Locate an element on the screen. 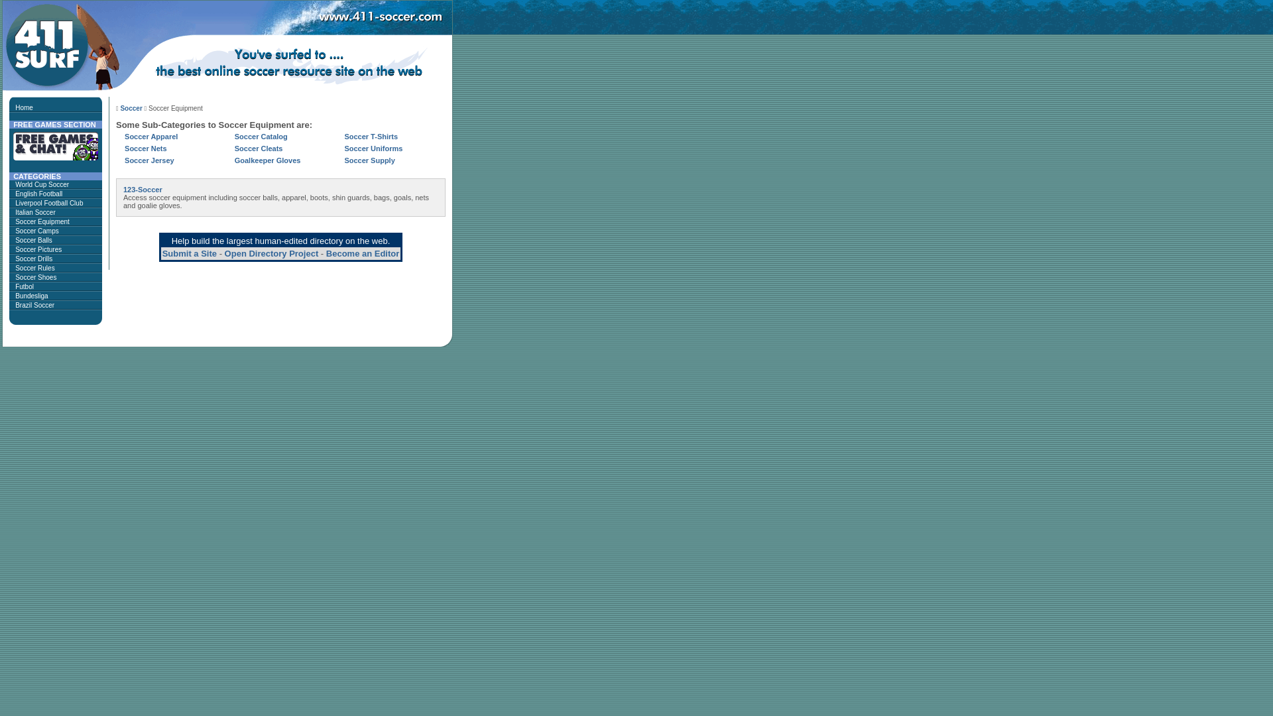 This screenshot has width=1273, height=716. 'Soccer T-Shirts' is located at coordinates (343, 136).